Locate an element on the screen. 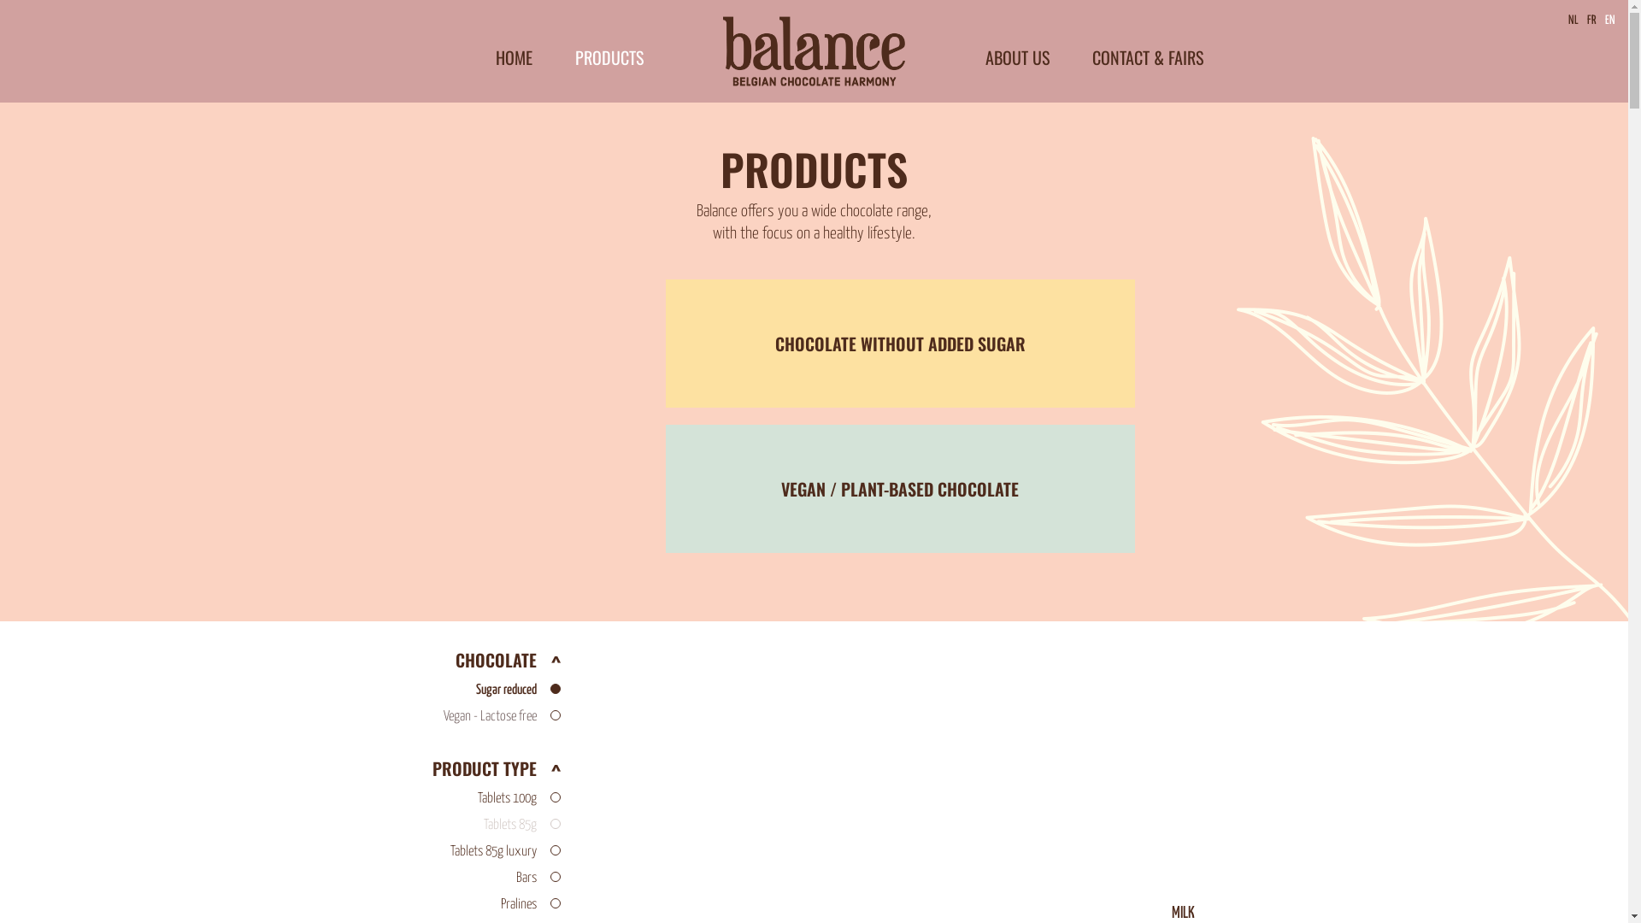  'Pralines' is located at coordinates (448, 903).